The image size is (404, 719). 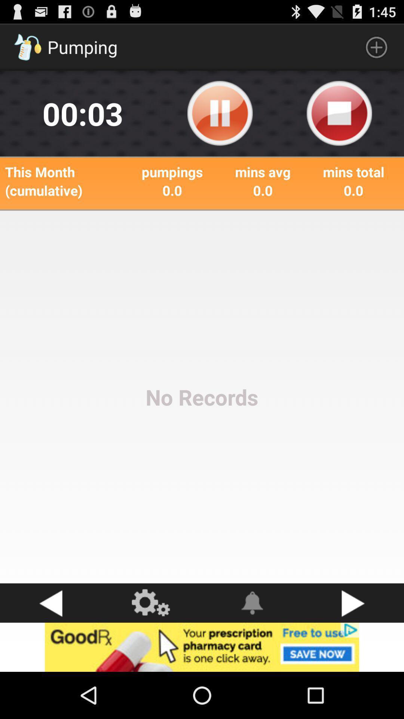 I want to click on bel button, so click(x=252, y=603).